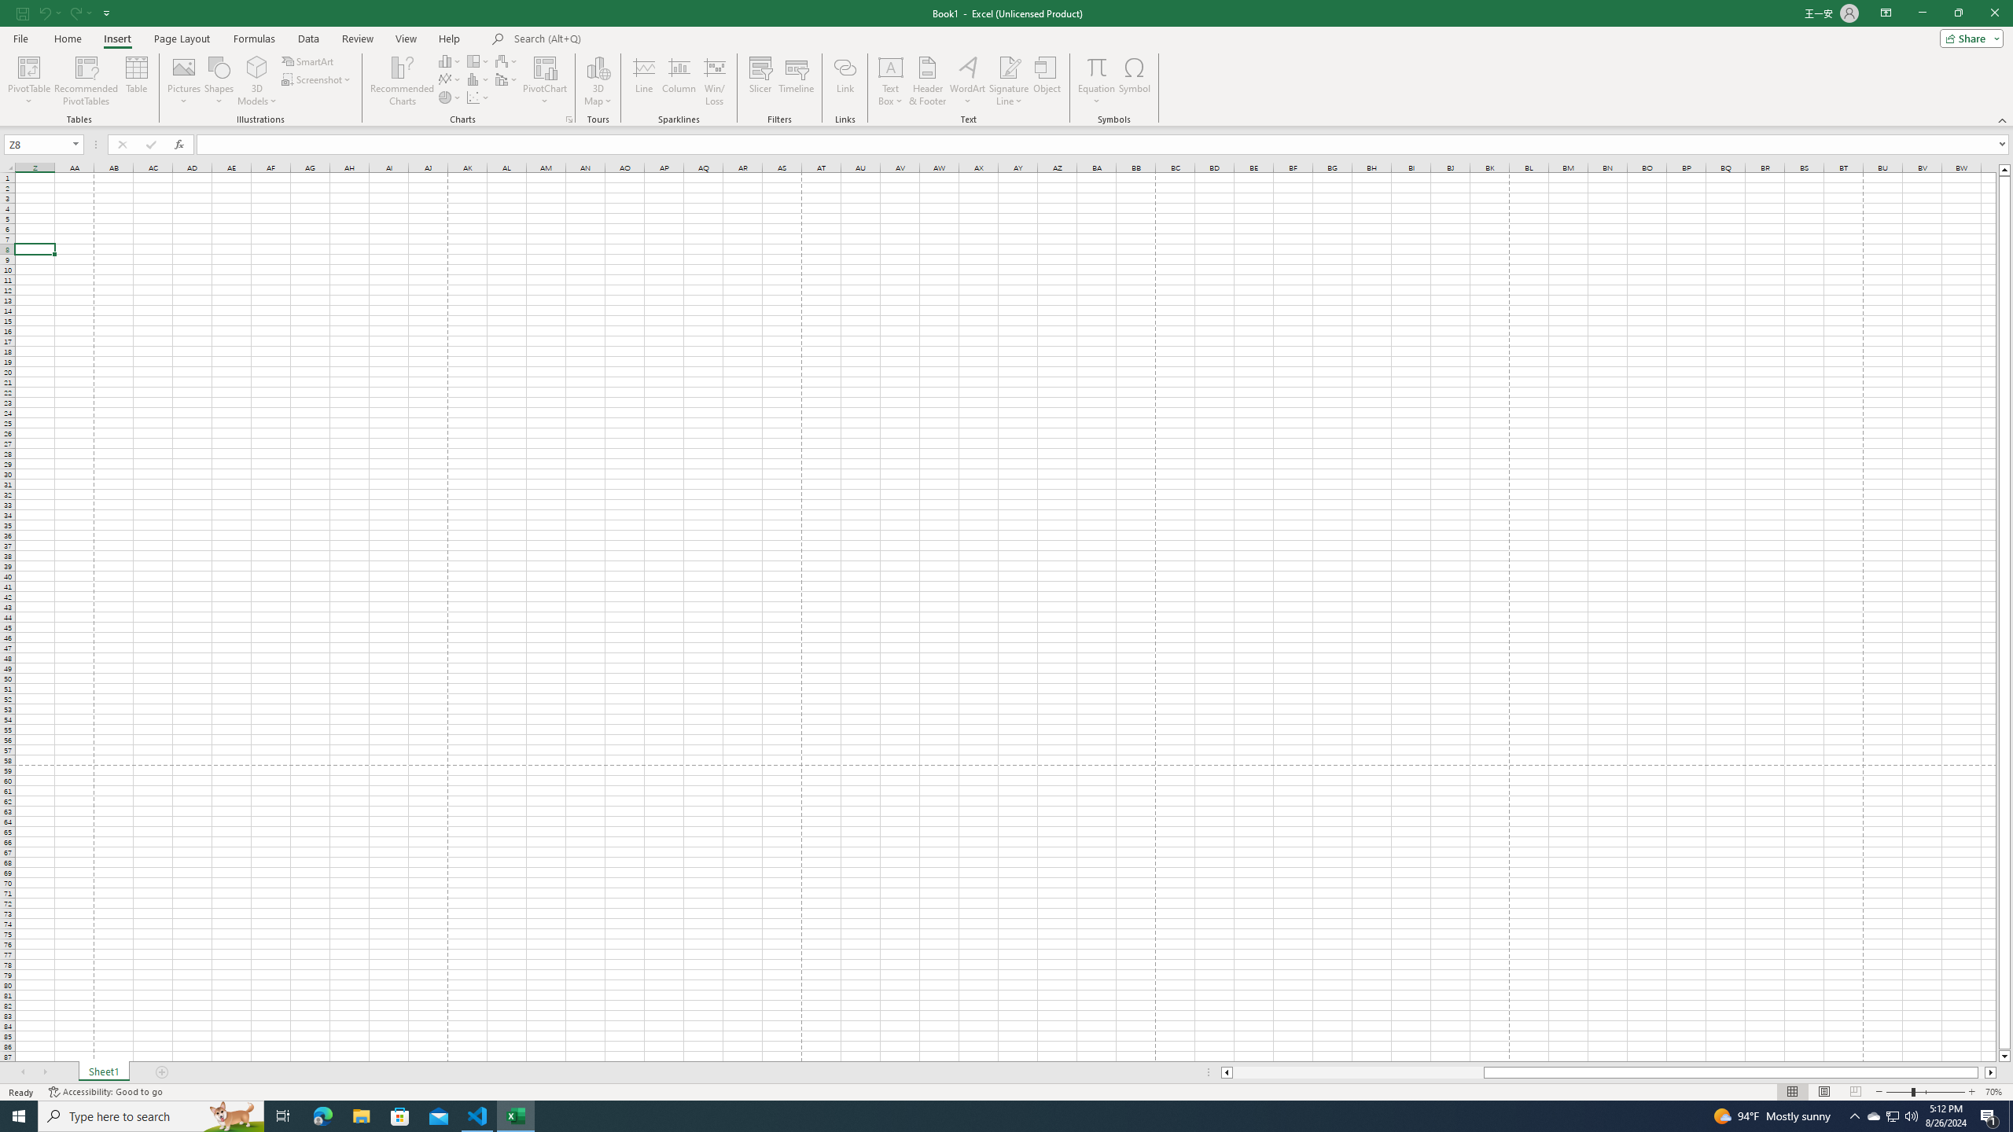 Image resolution: width=2013 pixels, height=1132 pixels. Describe the element at coordinates (1135, 81) in the screenshot. I see `'Symbol...'` at that location.